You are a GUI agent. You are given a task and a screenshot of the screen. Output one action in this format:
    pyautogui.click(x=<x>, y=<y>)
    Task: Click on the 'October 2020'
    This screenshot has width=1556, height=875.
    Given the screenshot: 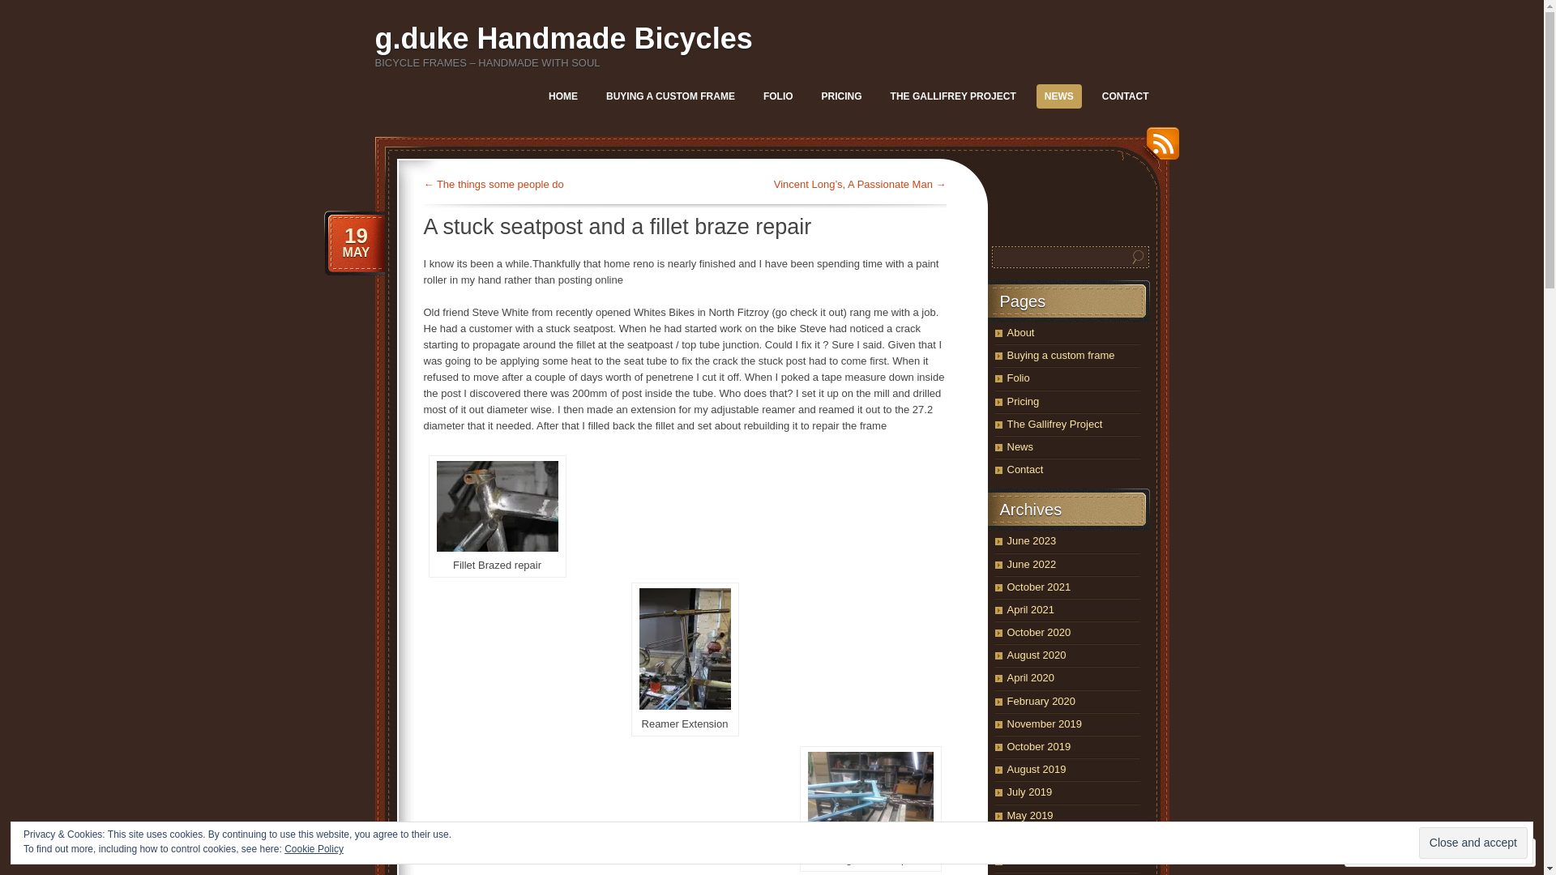 What is the action you would take?
    pyautogui.click(x=1038, y=631)
    